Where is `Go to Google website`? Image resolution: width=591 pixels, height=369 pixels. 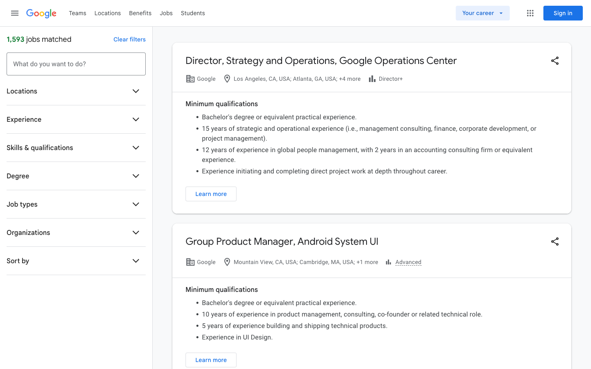 Go to Google website is located at coordinates (41, 14).